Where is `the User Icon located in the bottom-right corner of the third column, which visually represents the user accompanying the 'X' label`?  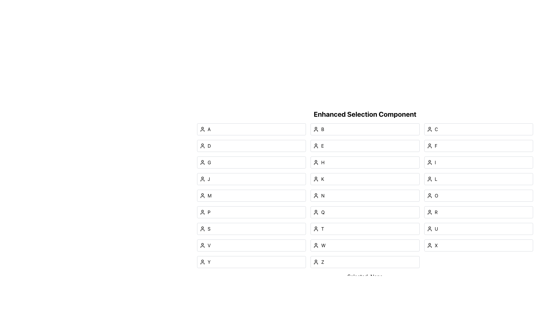
the User Icon located in the bottom-right corner of the third column, which visually represents the user accompanying the 'X' label is located at coordinates (429, 245).